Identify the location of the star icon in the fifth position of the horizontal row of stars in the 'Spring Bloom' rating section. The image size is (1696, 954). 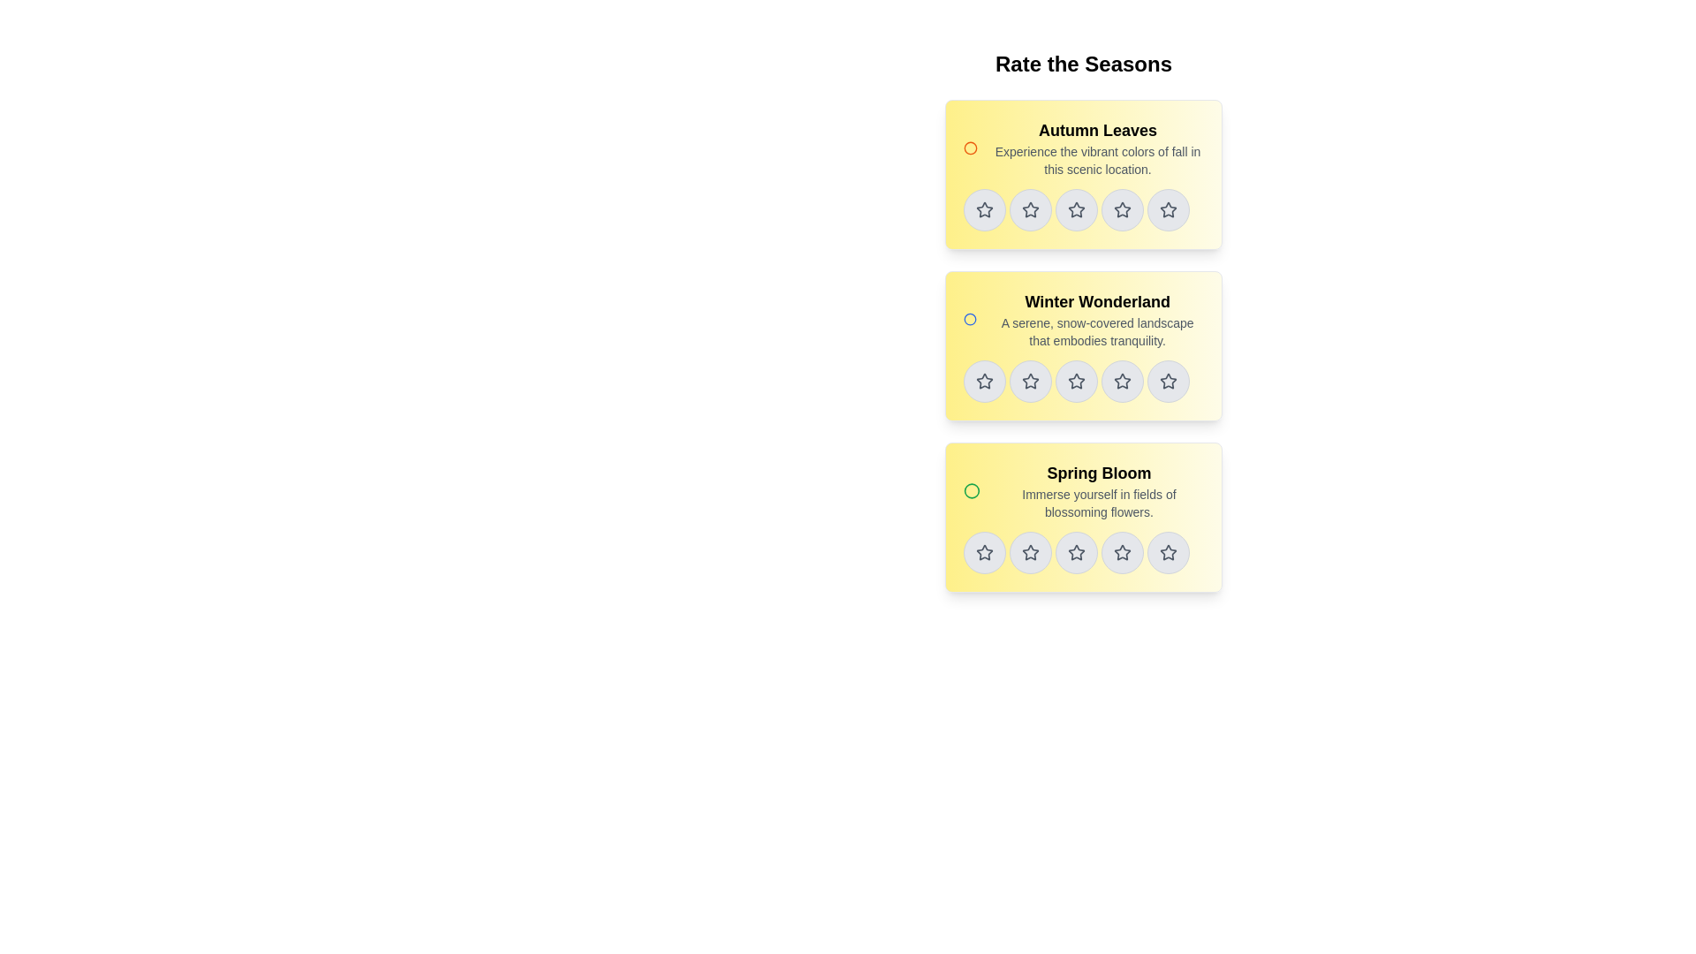
(1169, 551).